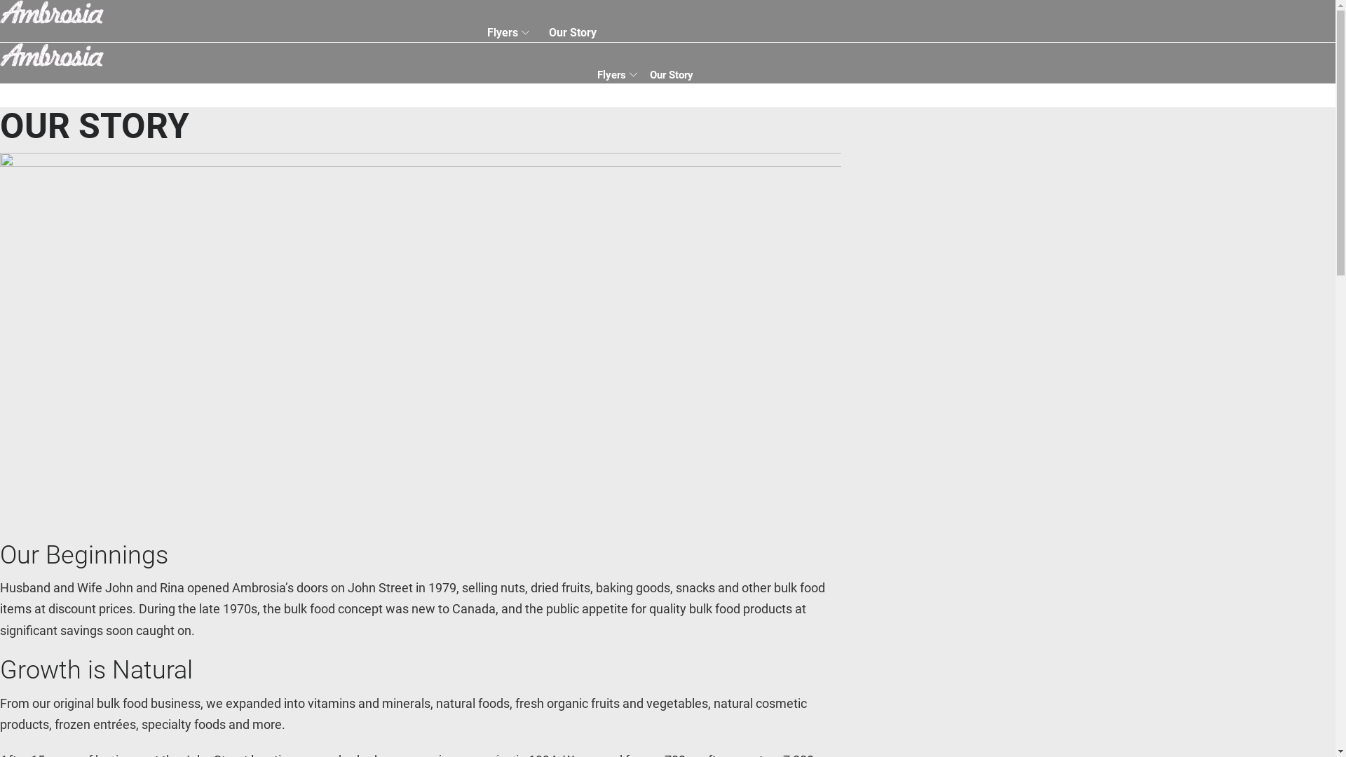 The image size is (1346, 757). What do you see at coordinates (617, 75) in the screenshot?
I see `'Flyersarrow-down'` at bounding box center [617, 75].